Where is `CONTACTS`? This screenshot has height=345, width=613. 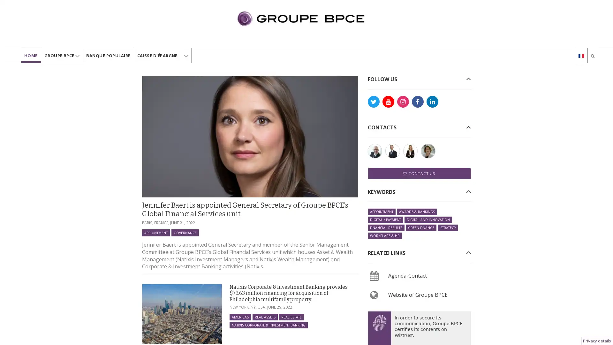
CONTACTS is located at coordinates (382, 127).